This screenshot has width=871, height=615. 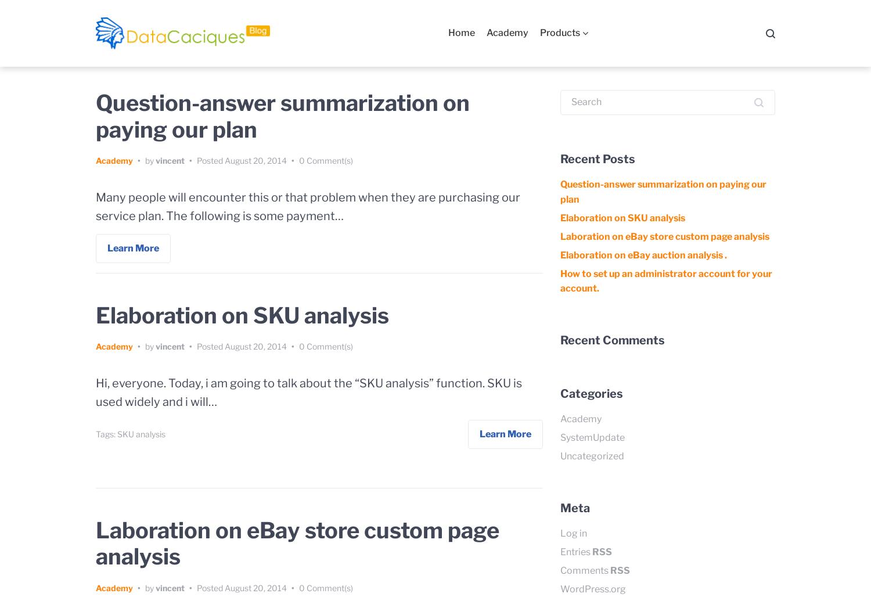 What do you see at coordinates (598, 159) in the screenshot?
I see `'Recent Posts'` at bounding box center [598, 159].